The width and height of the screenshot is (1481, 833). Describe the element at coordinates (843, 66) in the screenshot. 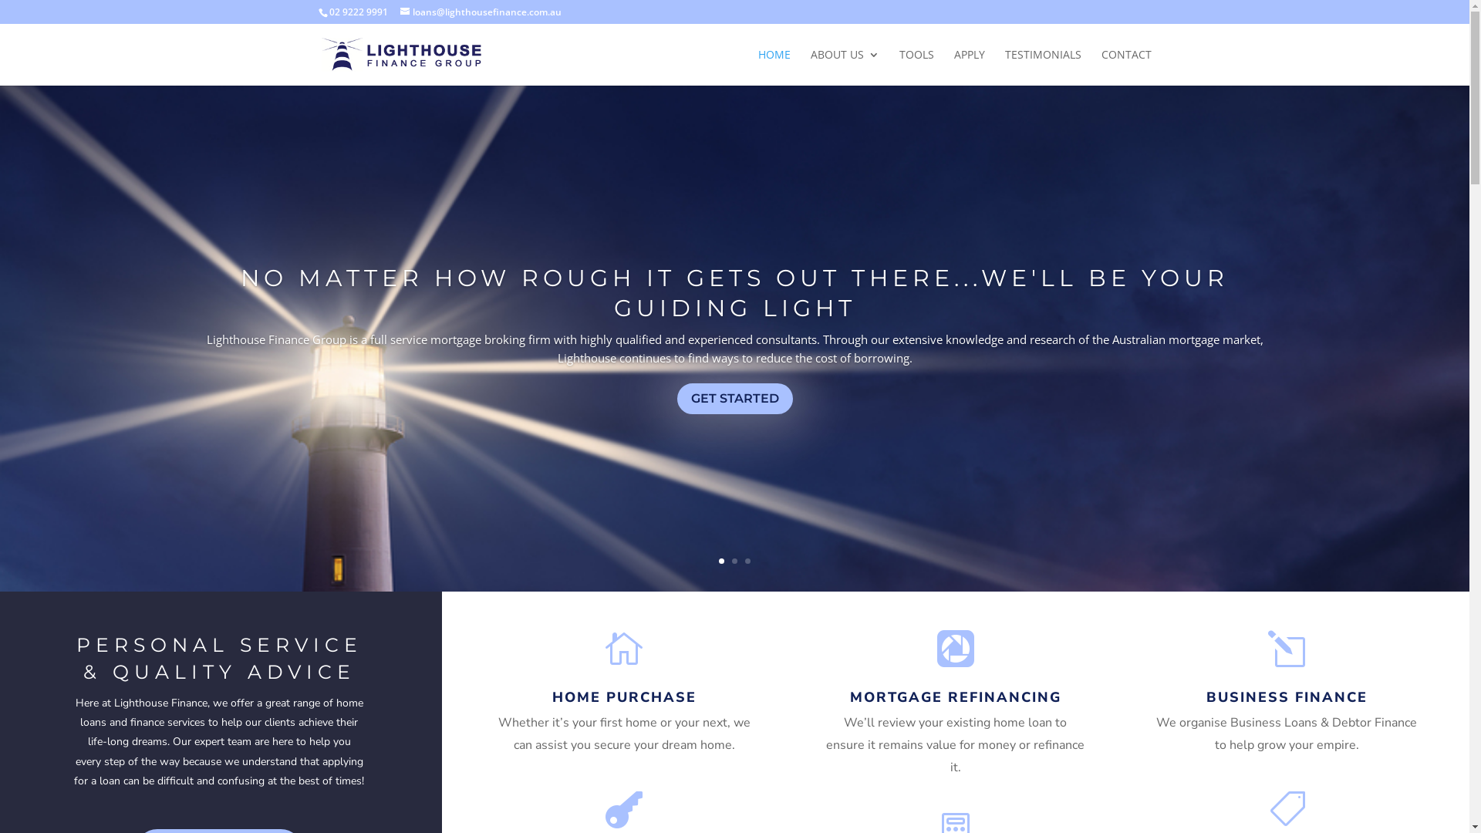

I see `'ABOUT US'` at that location.